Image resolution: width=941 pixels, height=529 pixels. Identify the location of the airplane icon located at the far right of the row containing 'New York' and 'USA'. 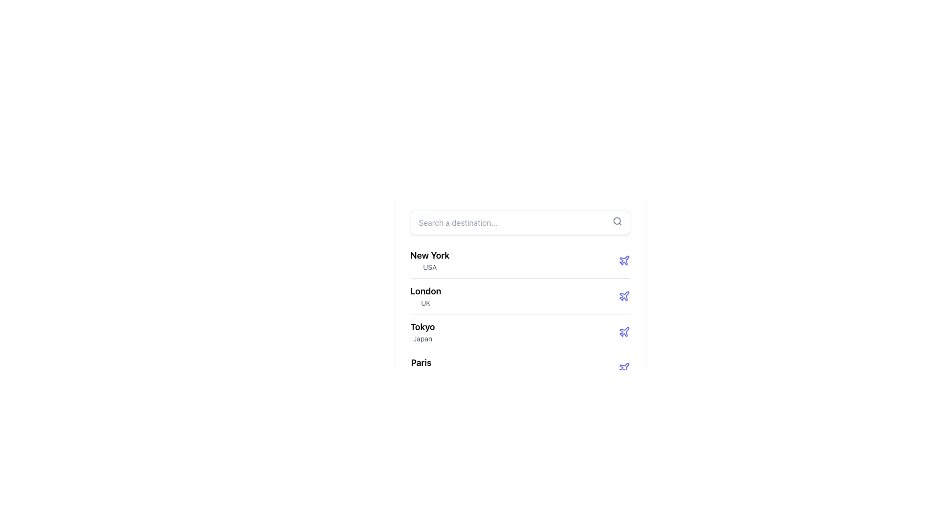
(623, 260).